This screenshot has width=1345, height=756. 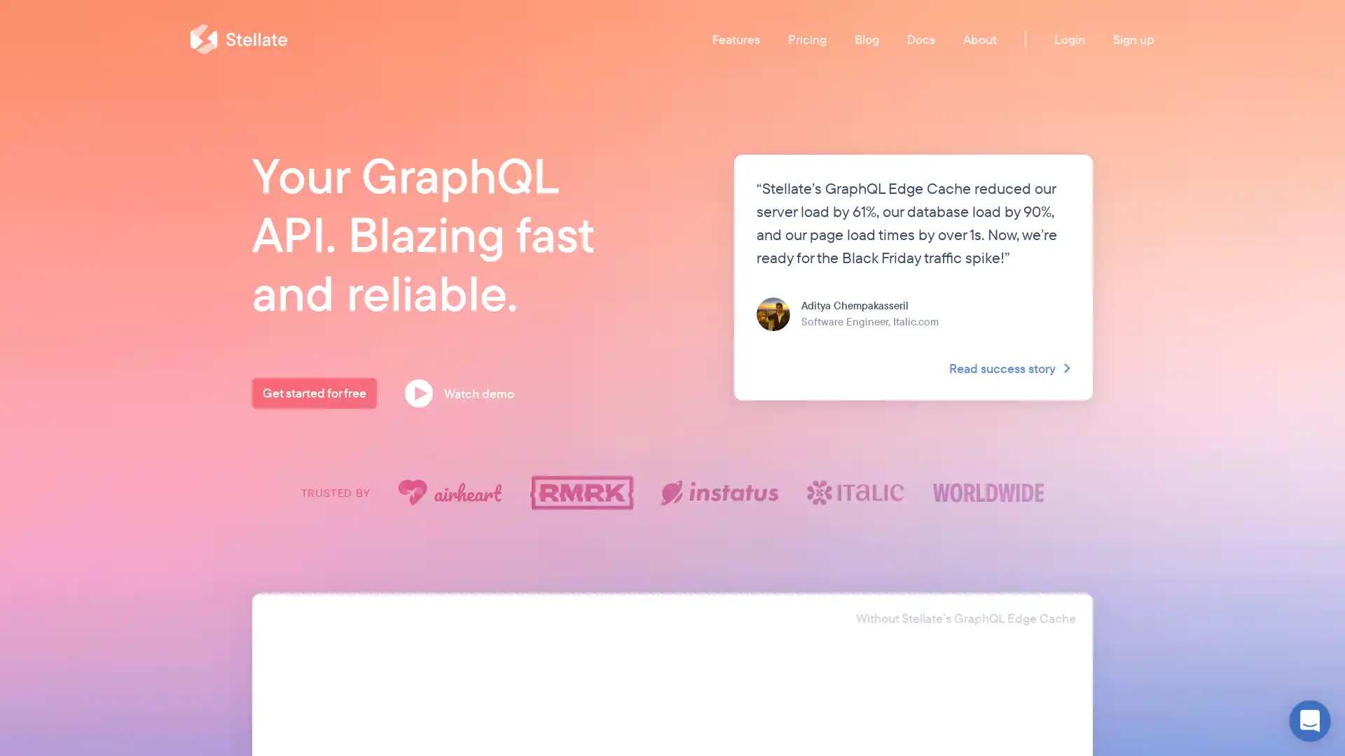 I want to click on Open Features' menu, so click(x=736, y=38).